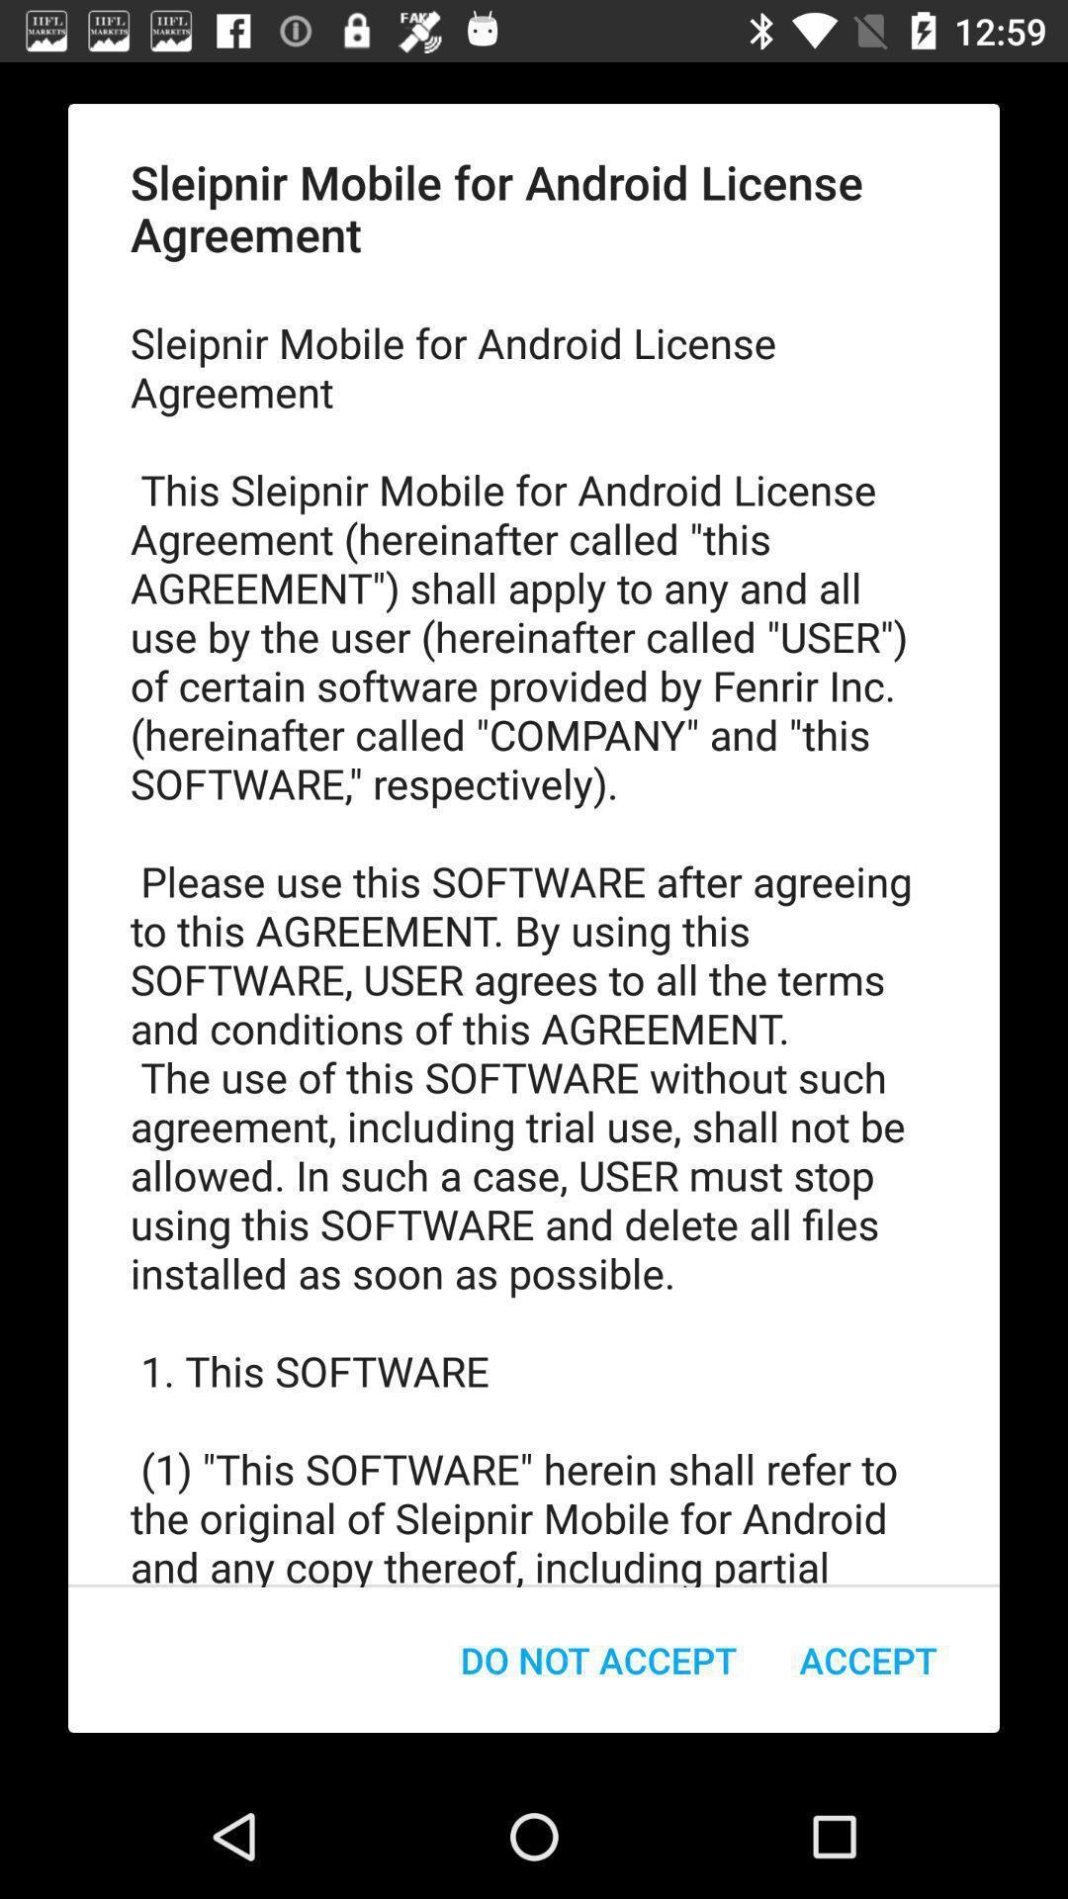 The image size is (1068, 1899). What do you see at coordinates (597, 1660) in the screenshot?
I see `do not accept icon` at bounding box center [597, 1660].